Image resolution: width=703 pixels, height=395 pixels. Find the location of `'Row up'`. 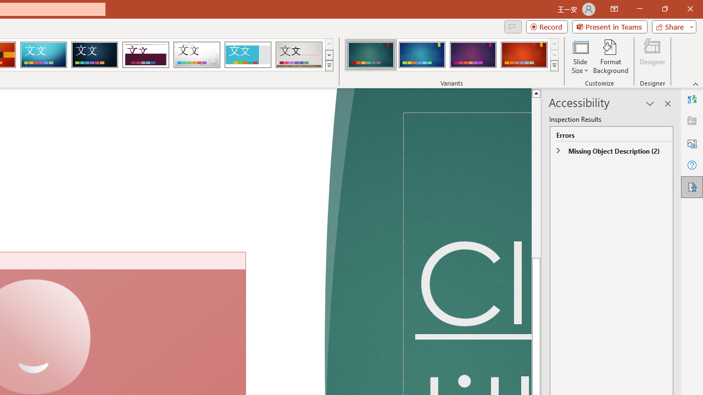

'Row up' is located at coordinates (554, 43).